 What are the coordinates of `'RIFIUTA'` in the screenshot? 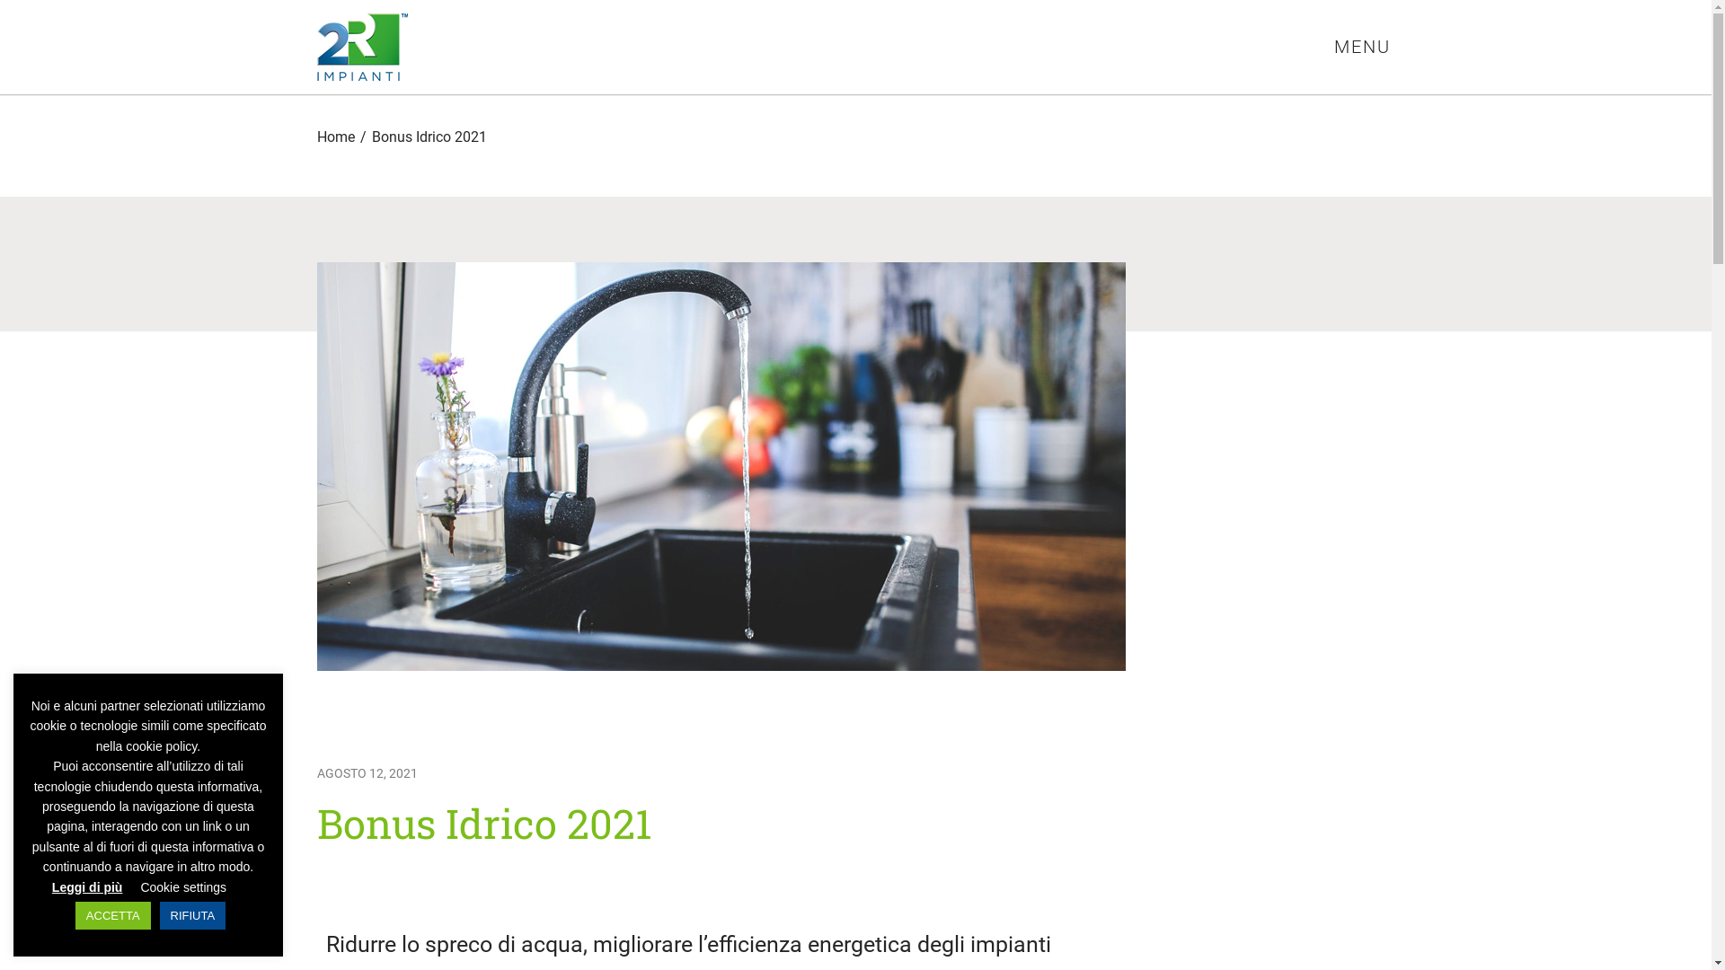 It's located at (159, 915).